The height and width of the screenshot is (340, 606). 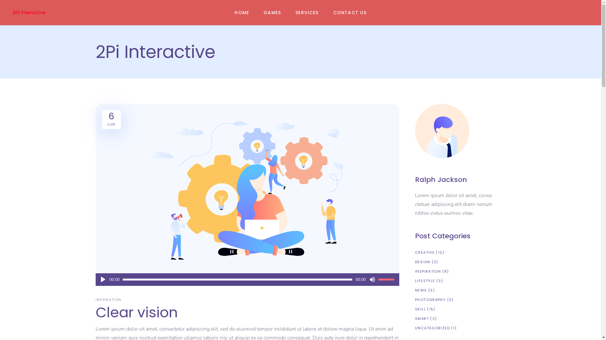 I want to click on 'GAMES', so click(x=272, y=12).